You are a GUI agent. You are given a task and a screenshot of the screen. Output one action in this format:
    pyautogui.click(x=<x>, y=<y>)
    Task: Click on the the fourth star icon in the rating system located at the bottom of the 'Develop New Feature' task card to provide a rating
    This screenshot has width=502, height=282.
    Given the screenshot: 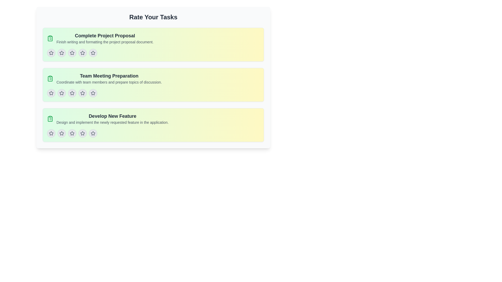 What is the action you would take?
    pyautogui.click(x=72, y=133)
    